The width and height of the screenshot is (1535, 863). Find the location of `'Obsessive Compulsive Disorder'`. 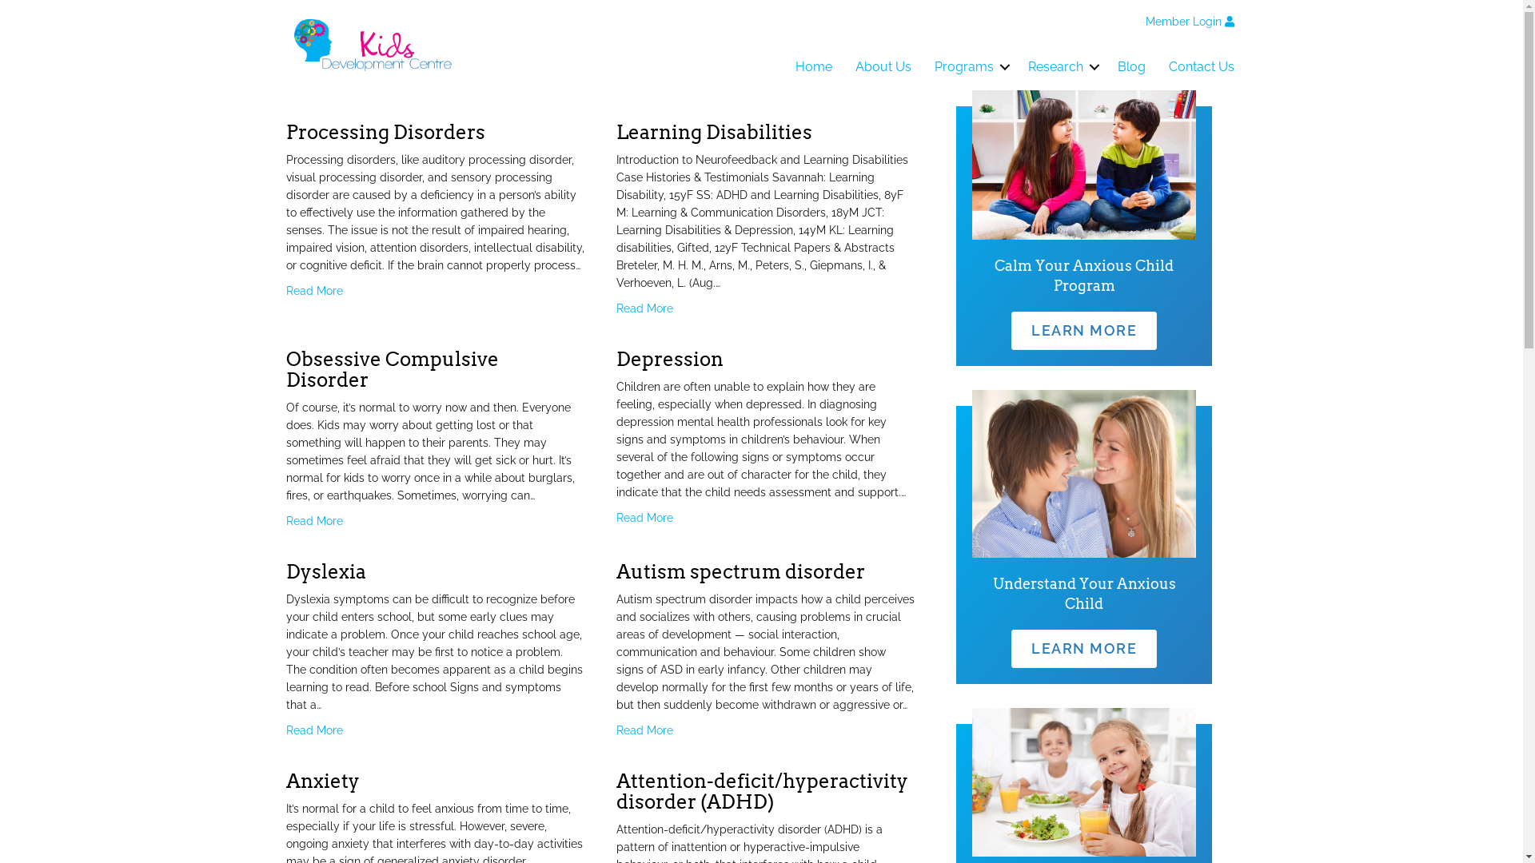

'Obsessive Compulsive Disorder' is located at coordinates (392, 369).